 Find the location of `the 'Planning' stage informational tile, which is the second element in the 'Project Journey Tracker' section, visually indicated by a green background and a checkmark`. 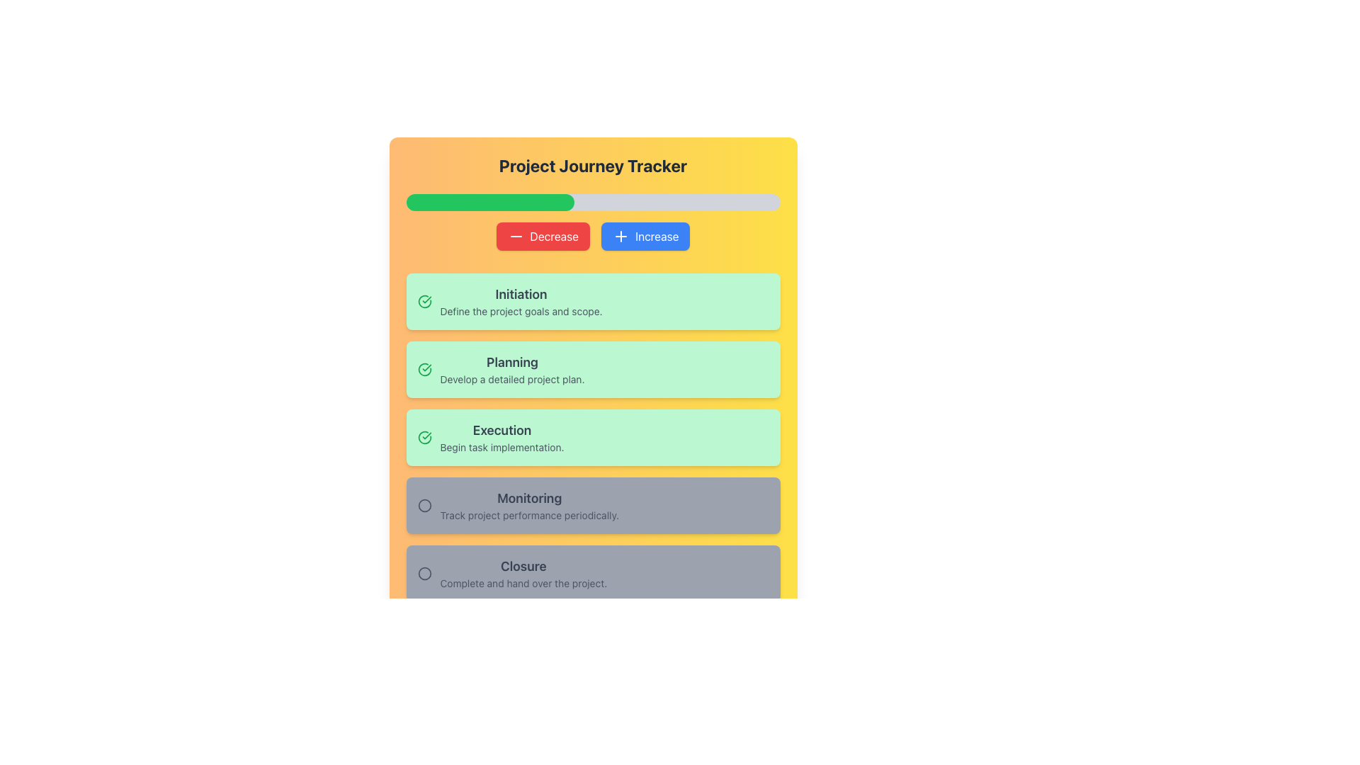

the 'Planning' stage informational tile, which is the second element in the 'Project Journey Tracker' section, visually indicated by a green background and a checkmark is located at coordinates (593, 368).